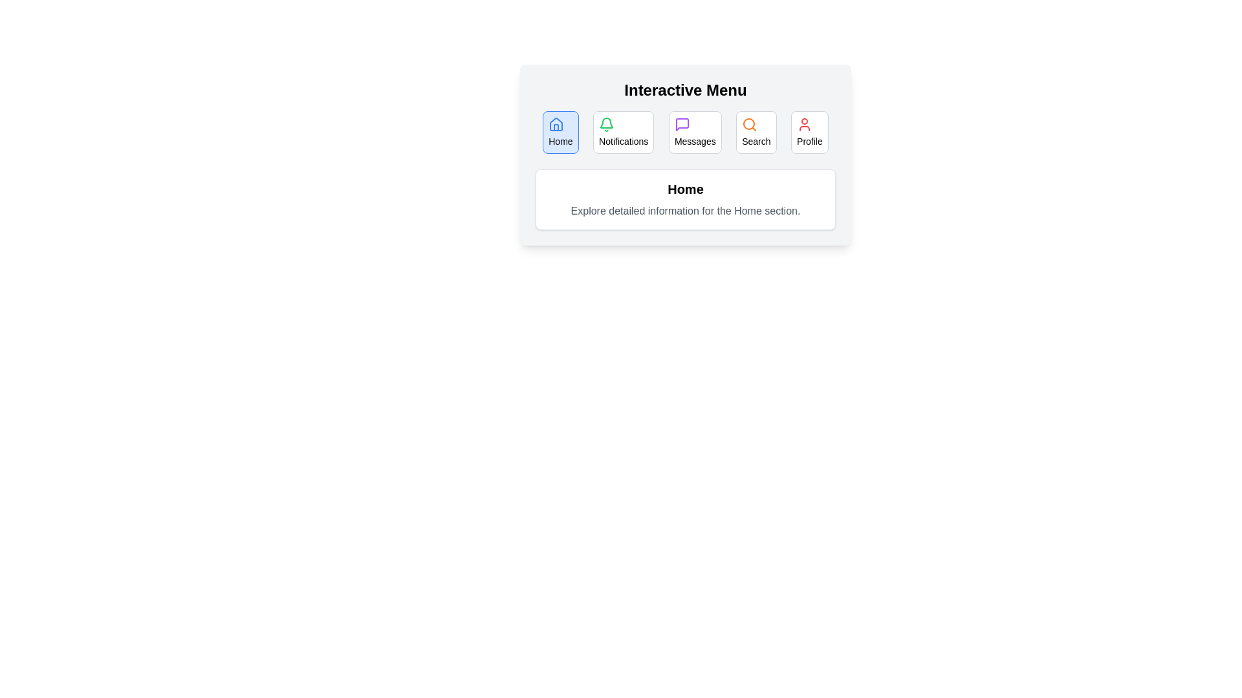 Image resolution: width=1242 pixels, height=698 pixels. Describe the element at coordinates (756, 132) in the screenshot. I see `the 'Search' button, which is a rectangular button with rounded corners, a white background, and an orange search icon above the text 'Search' written in black, to initiate a search` at that location.